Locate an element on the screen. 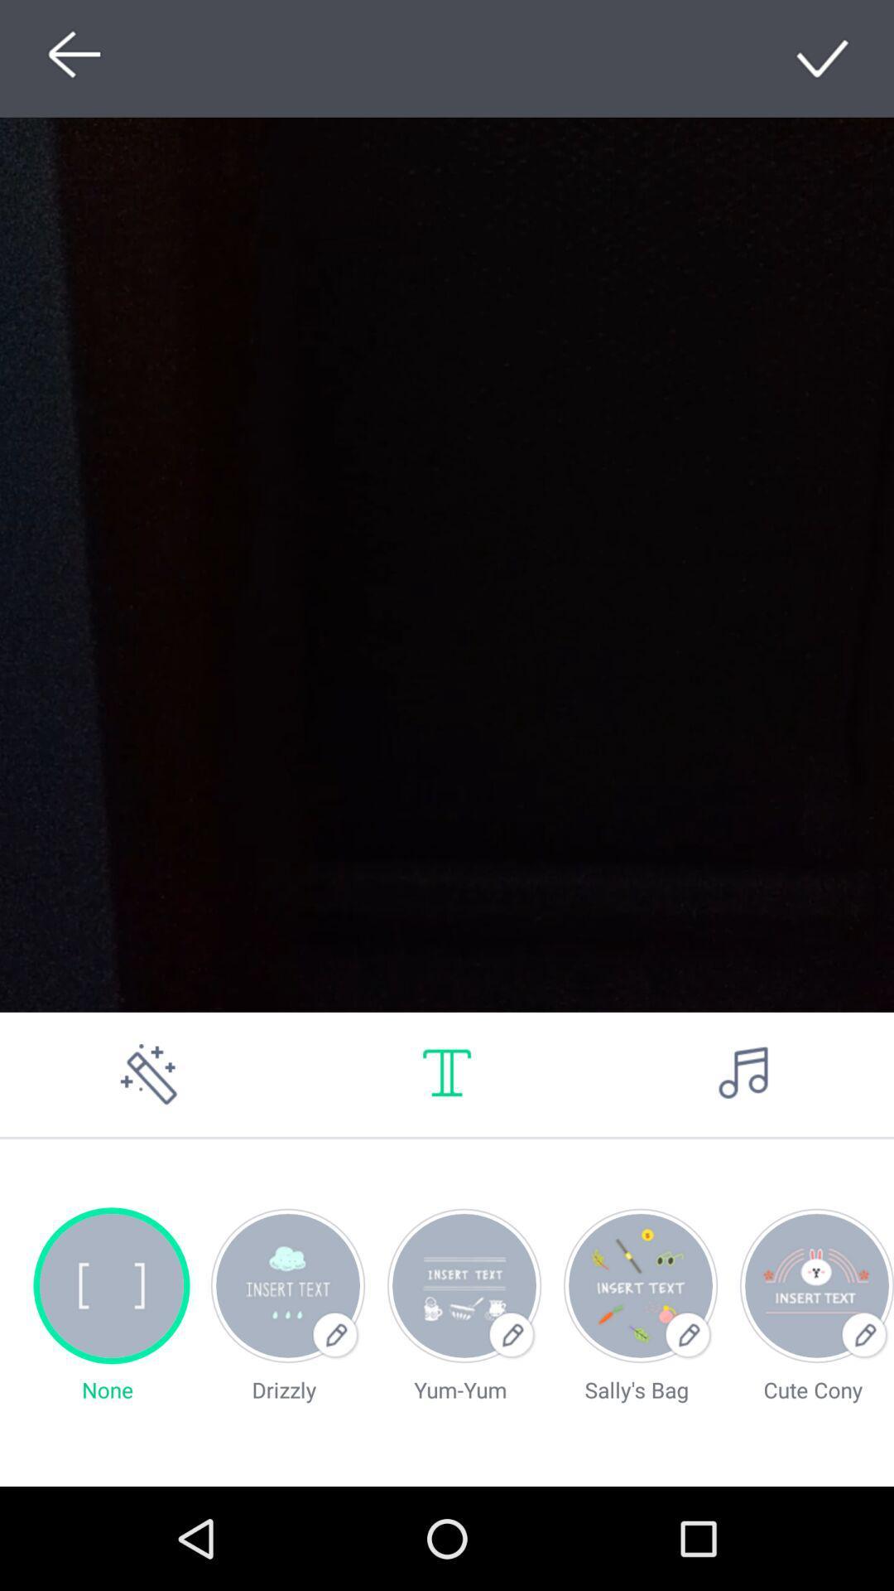 This screenshot has width=894, height=1591. write text is located at coordinates (447, 1074).